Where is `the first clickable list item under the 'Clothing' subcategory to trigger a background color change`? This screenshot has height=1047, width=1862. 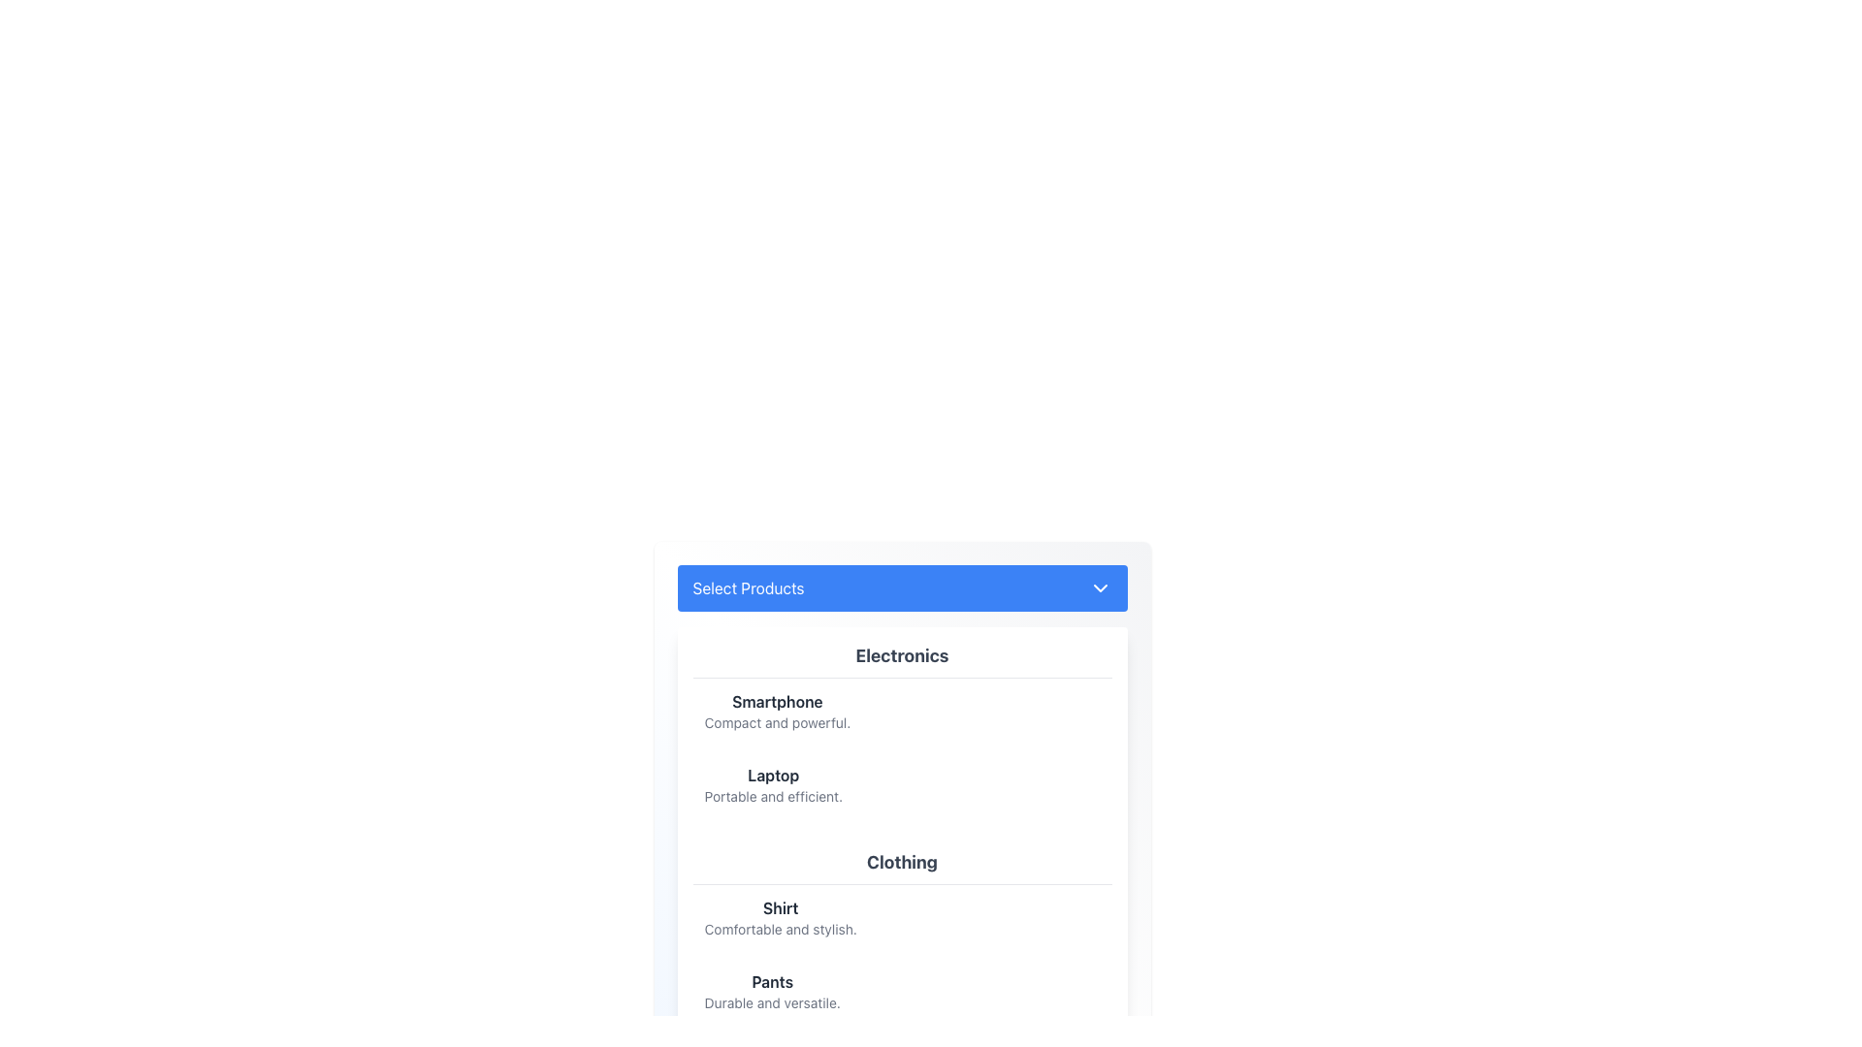
the first clickable list item under the 'Clothing' subcategory to trigger a background color change is located at coordinates (901, 917).